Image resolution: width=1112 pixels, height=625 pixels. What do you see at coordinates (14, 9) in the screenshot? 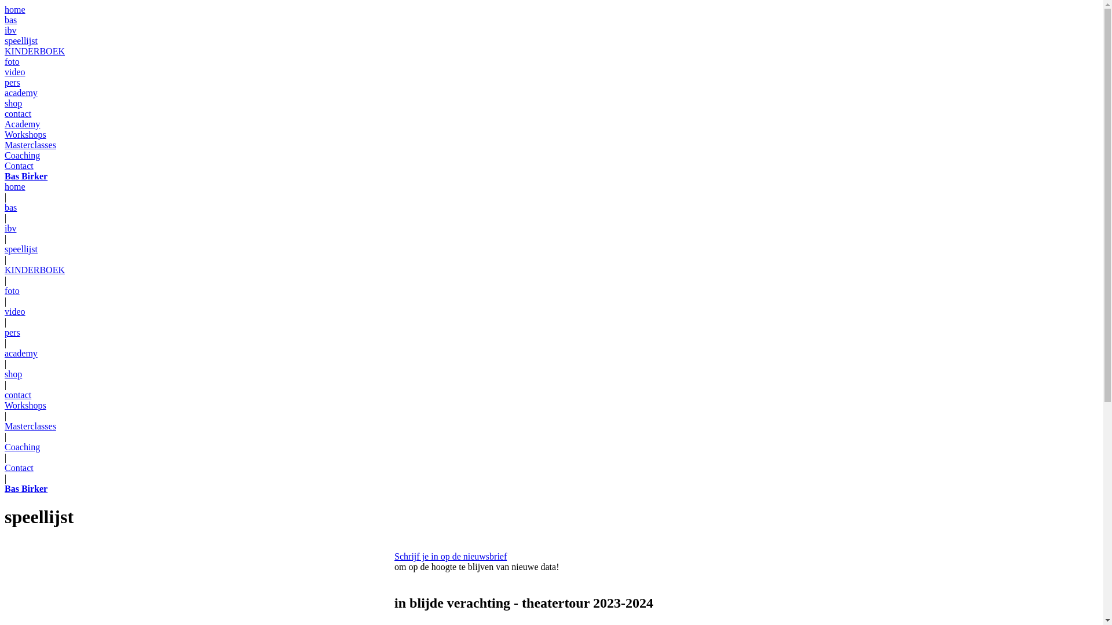
I see `'home'` at bounding box center [14, 9].